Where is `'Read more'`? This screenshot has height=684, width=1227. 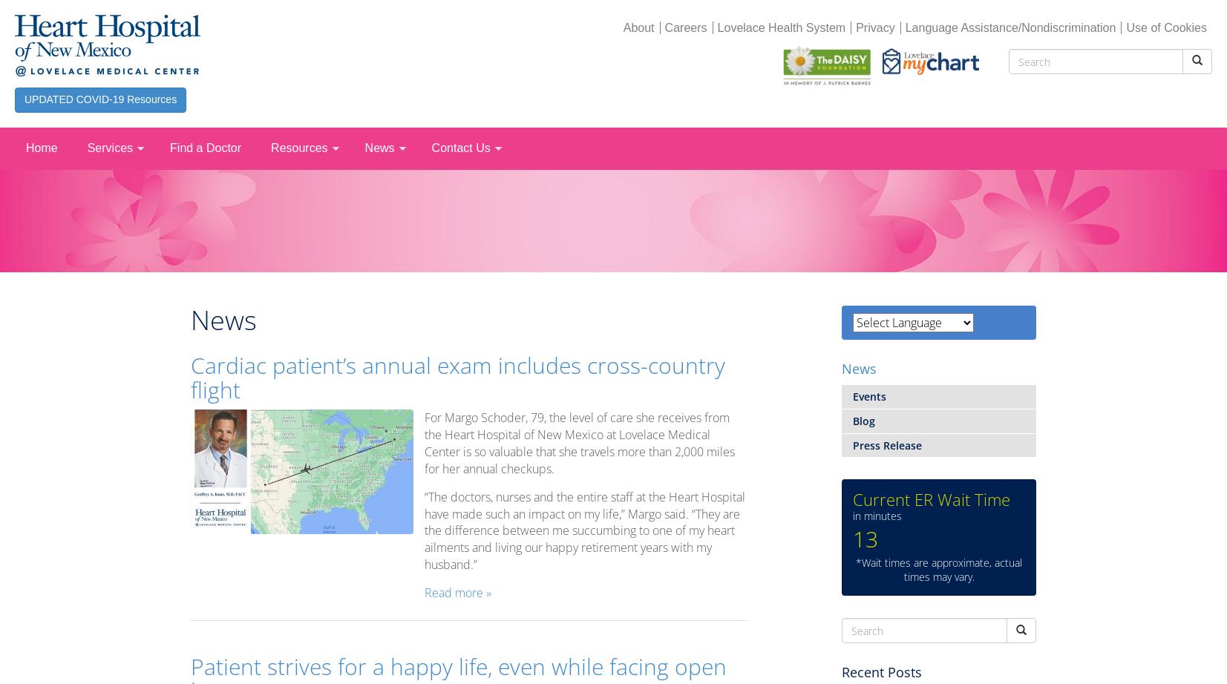 'Read more' is located at coordinates (452, 591).